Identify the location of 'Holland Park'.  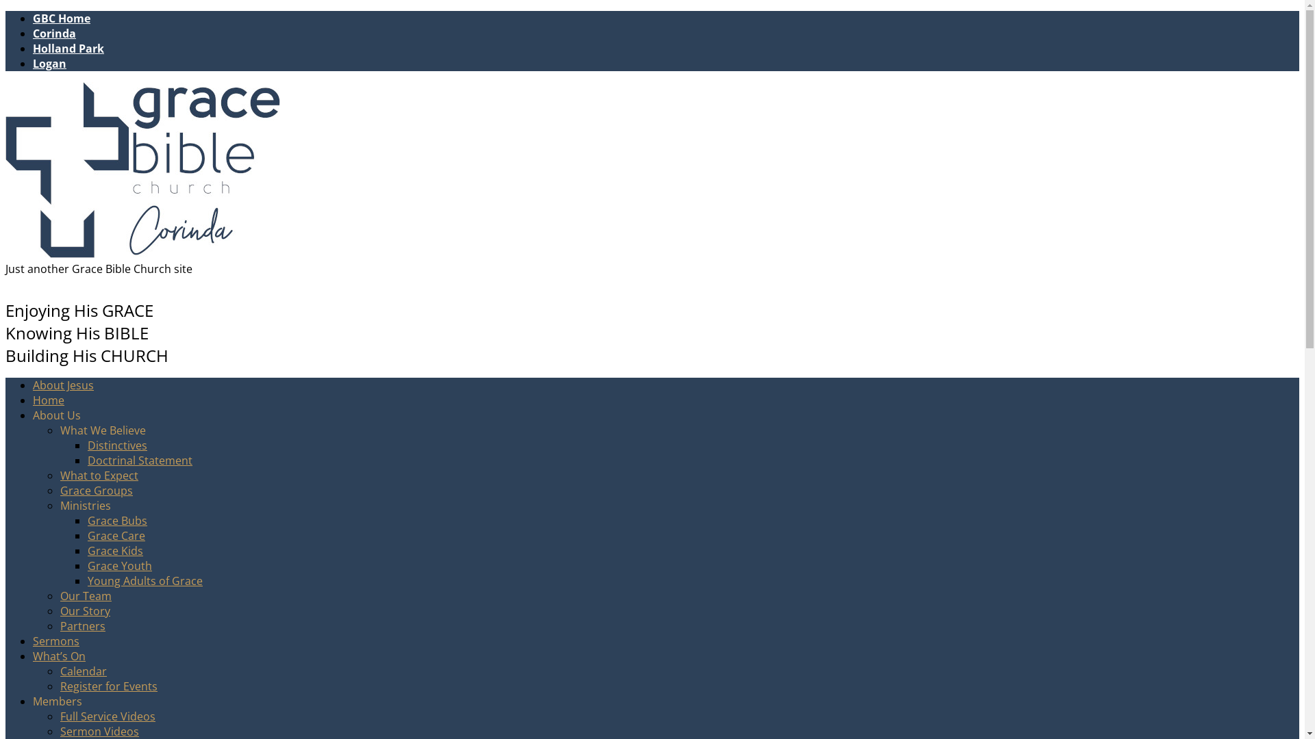
(68, 47).